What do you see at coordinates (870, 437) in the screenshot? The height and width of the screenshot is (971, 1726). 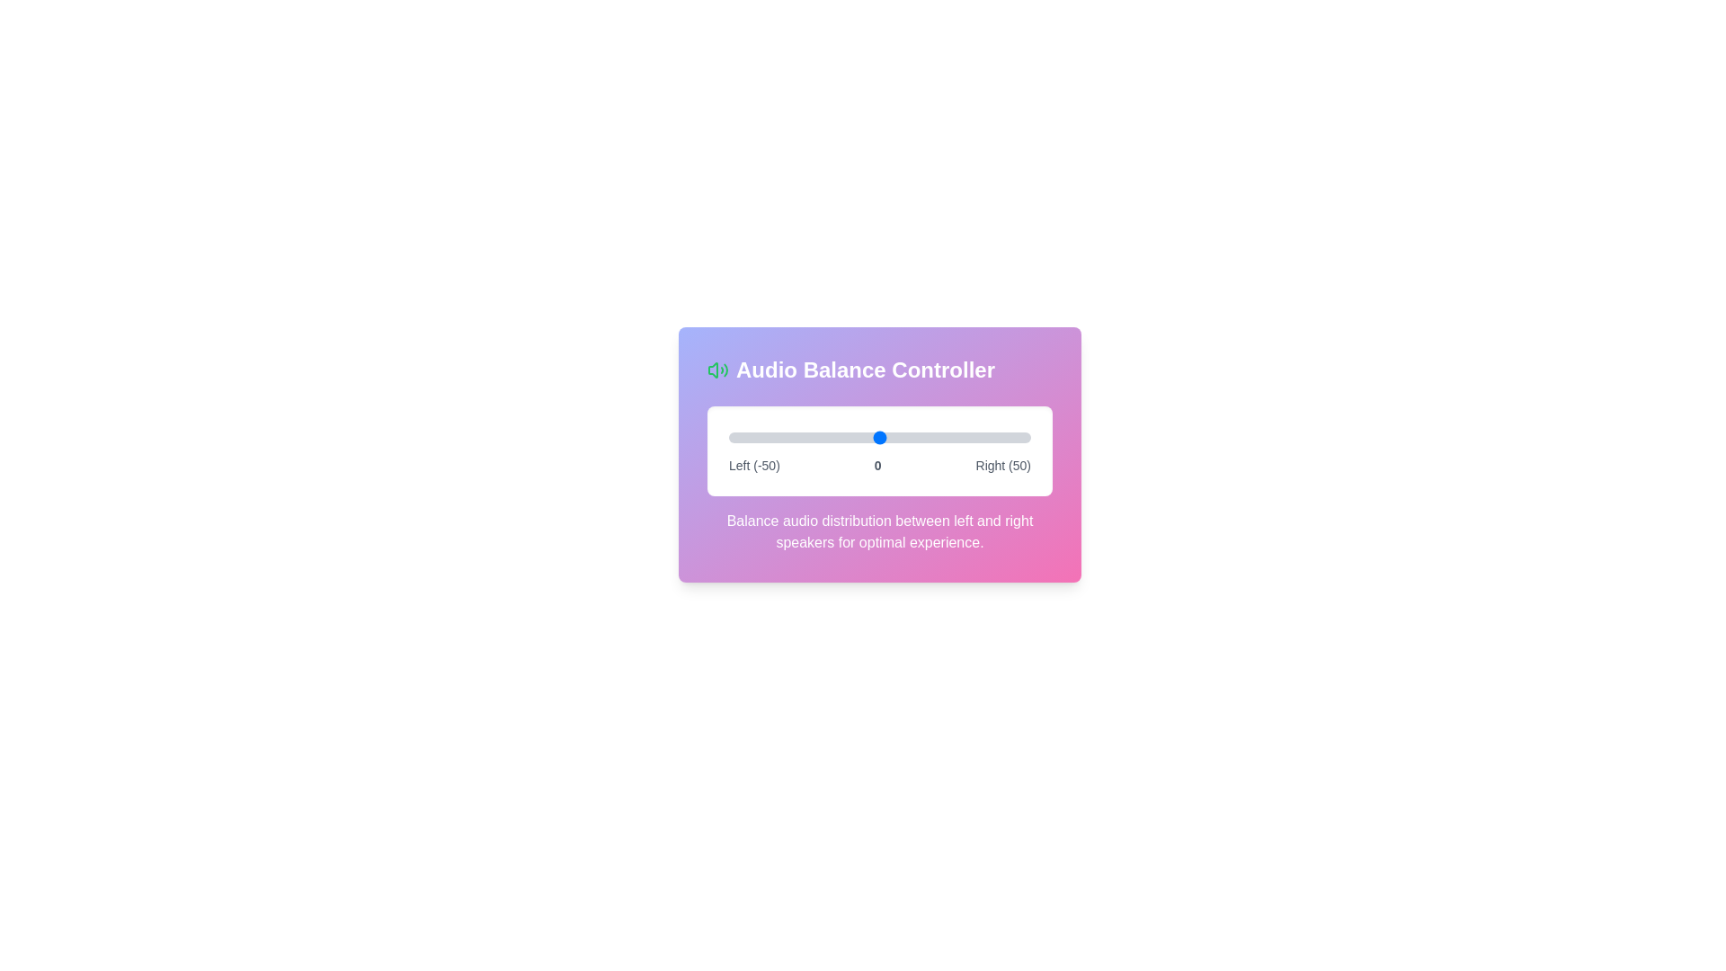 I see `the balance slider to set the audio balance to -3` at bounding box center [870, 437].